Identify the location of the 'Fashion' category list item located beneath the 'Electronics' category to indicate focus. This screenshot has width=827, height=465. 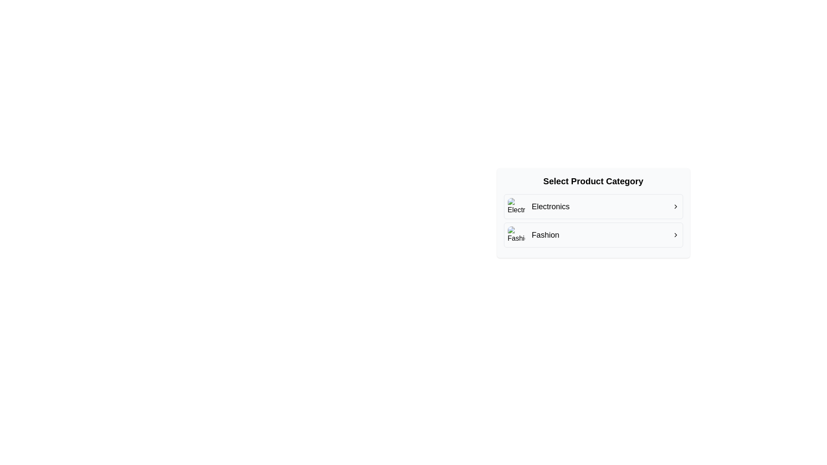
(593, 235).